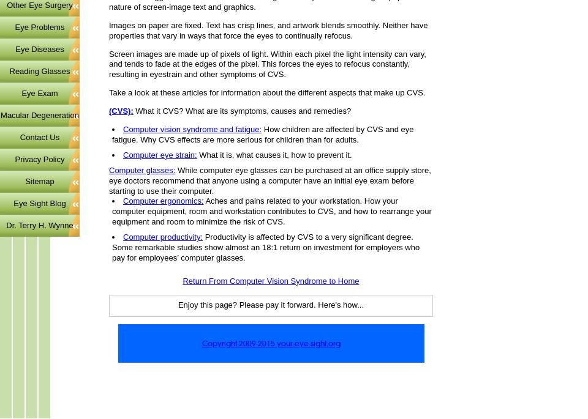 The height and width of the screenshot is (419, 588). Describe the element at coordinates (6, 4) in the screenshot. I see `'Other Eye Surgery'` at that location.